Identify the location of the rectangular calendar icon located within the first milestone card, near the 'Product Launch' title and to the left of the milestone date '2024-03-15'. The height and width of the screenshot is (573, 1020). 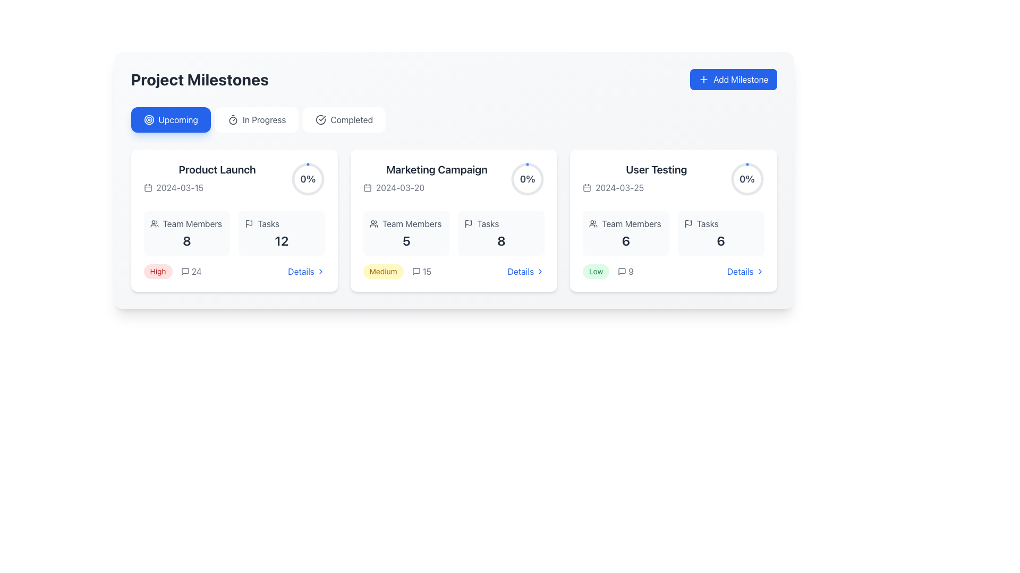
(147, 187).